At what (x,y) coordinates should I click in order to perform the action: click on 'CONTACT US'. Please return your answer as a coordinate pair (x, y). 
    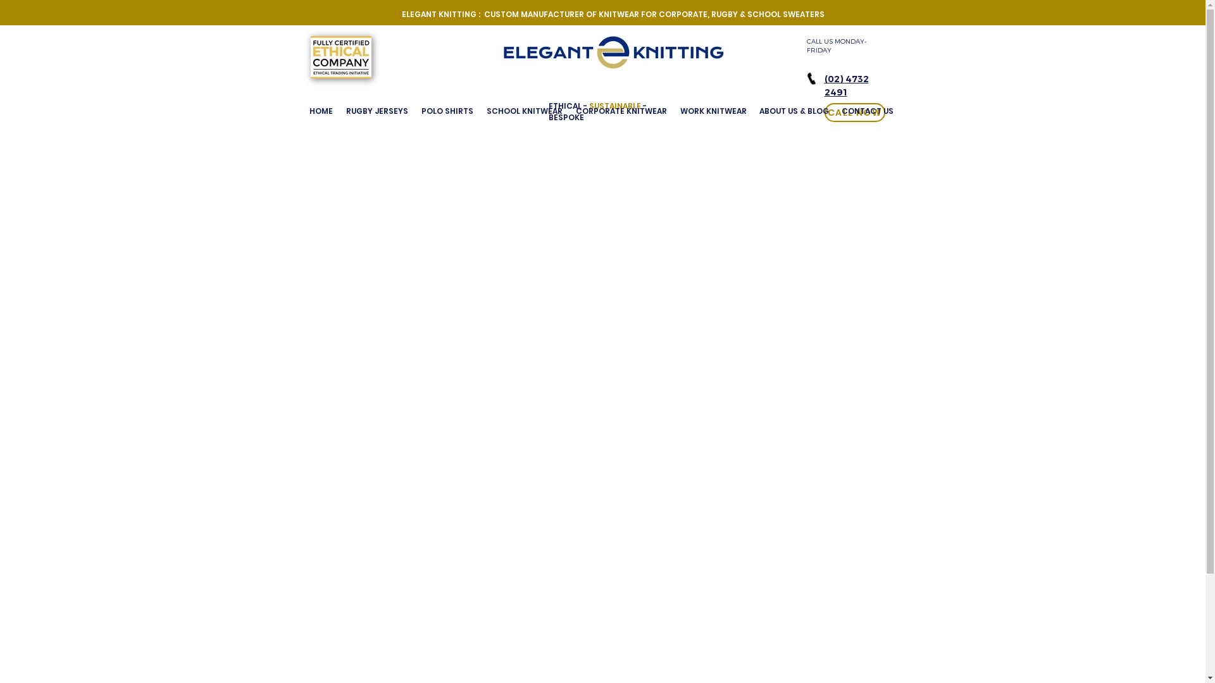
    Looking at the image, I should click on (835, 111).